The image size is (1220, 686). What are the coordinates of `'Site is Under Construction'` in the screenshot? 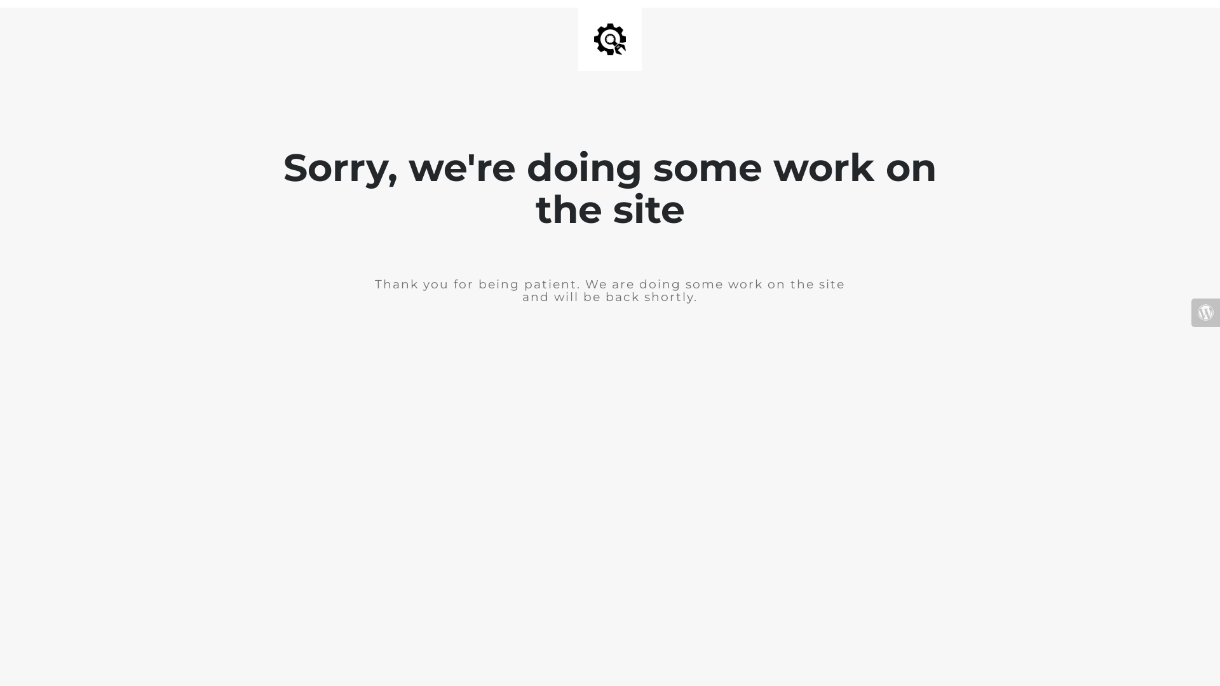 It's located at (610, 38).